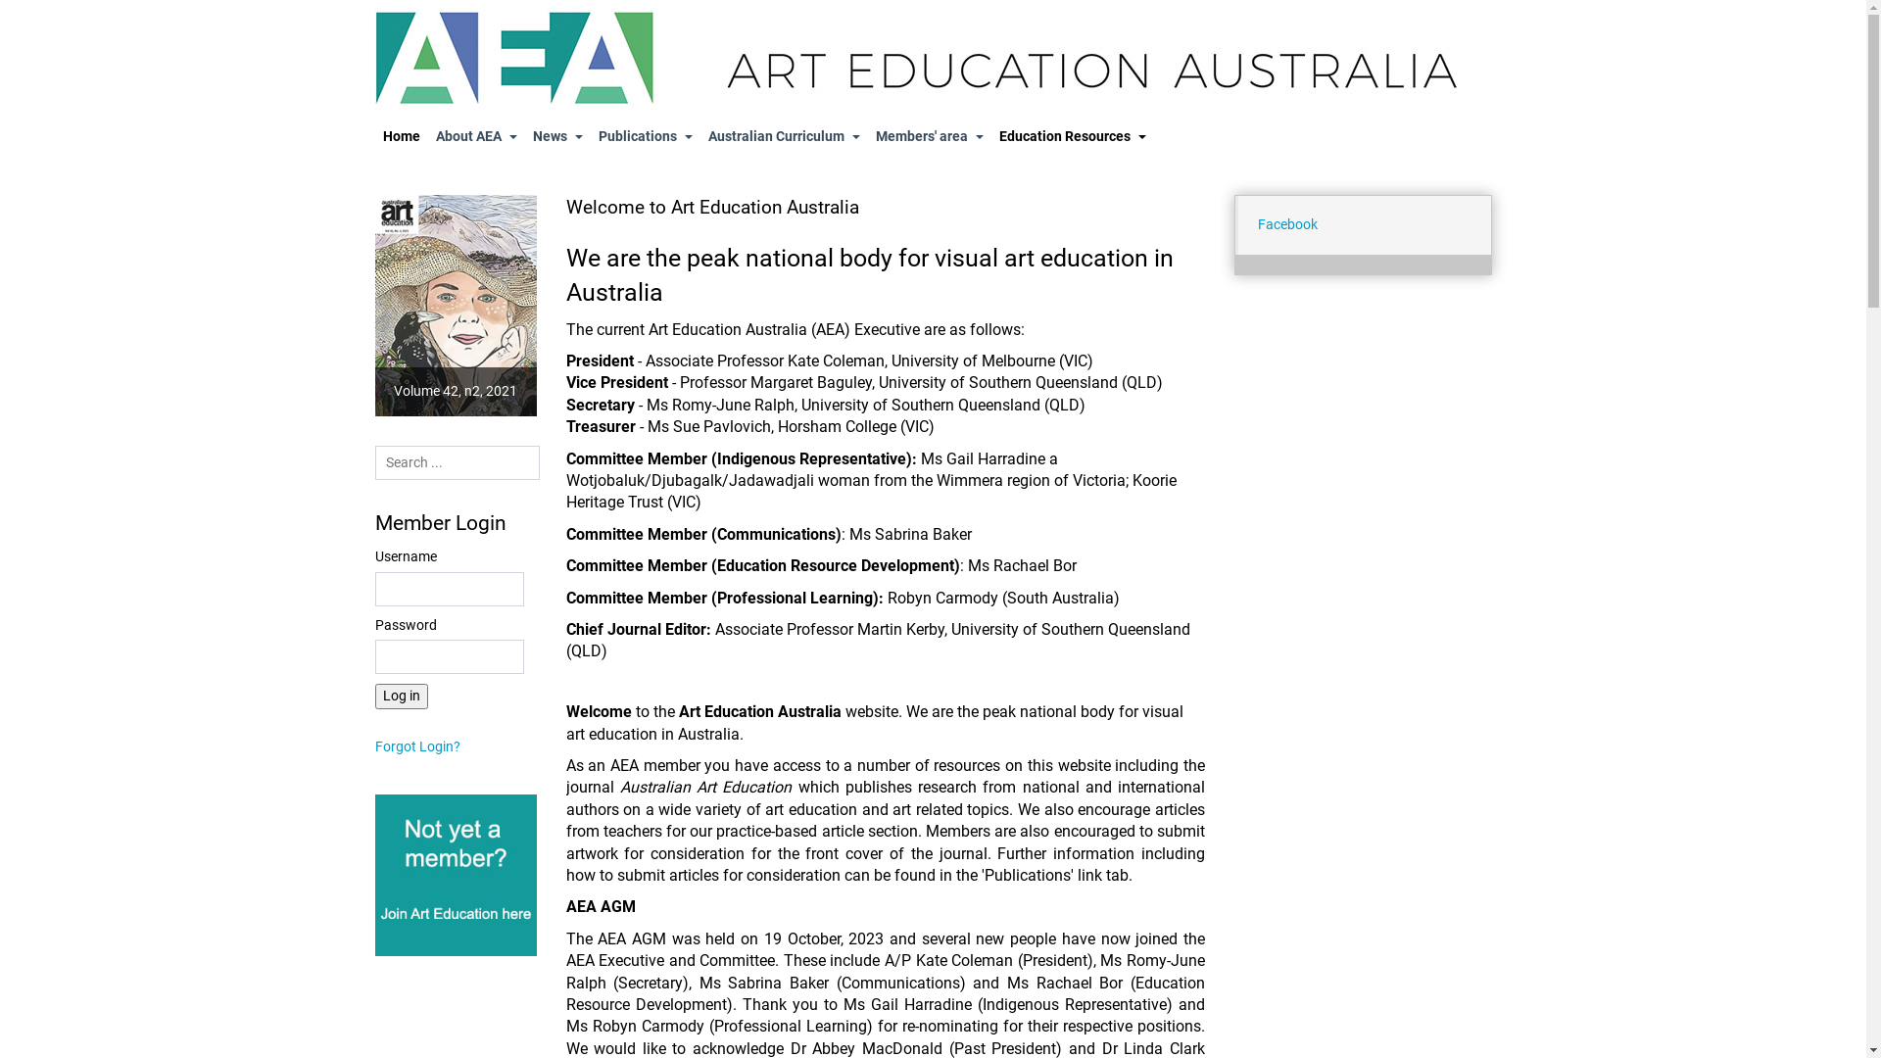 The width and height of the screenshot is (1881, 1058). Describe the element at coordinates (399, 695) in the screenshot. I see `'Log in'` at that location.